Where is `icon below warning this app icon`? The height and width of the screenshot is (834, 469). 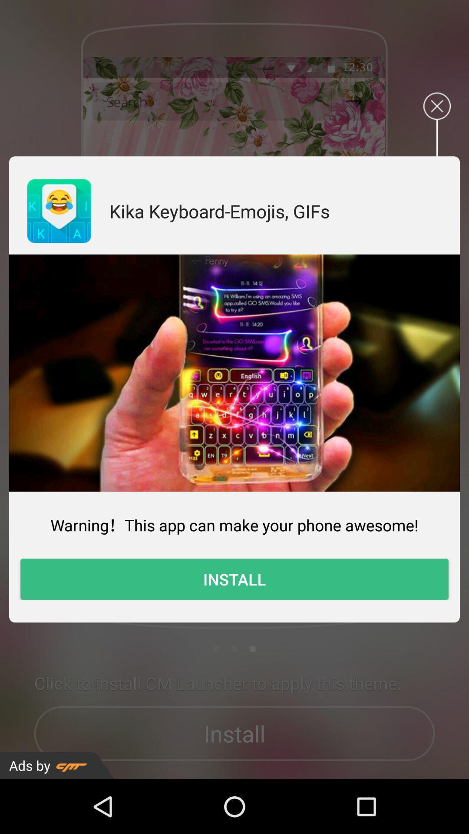
icon below warning this app icon is located at coordinates (234, 579).